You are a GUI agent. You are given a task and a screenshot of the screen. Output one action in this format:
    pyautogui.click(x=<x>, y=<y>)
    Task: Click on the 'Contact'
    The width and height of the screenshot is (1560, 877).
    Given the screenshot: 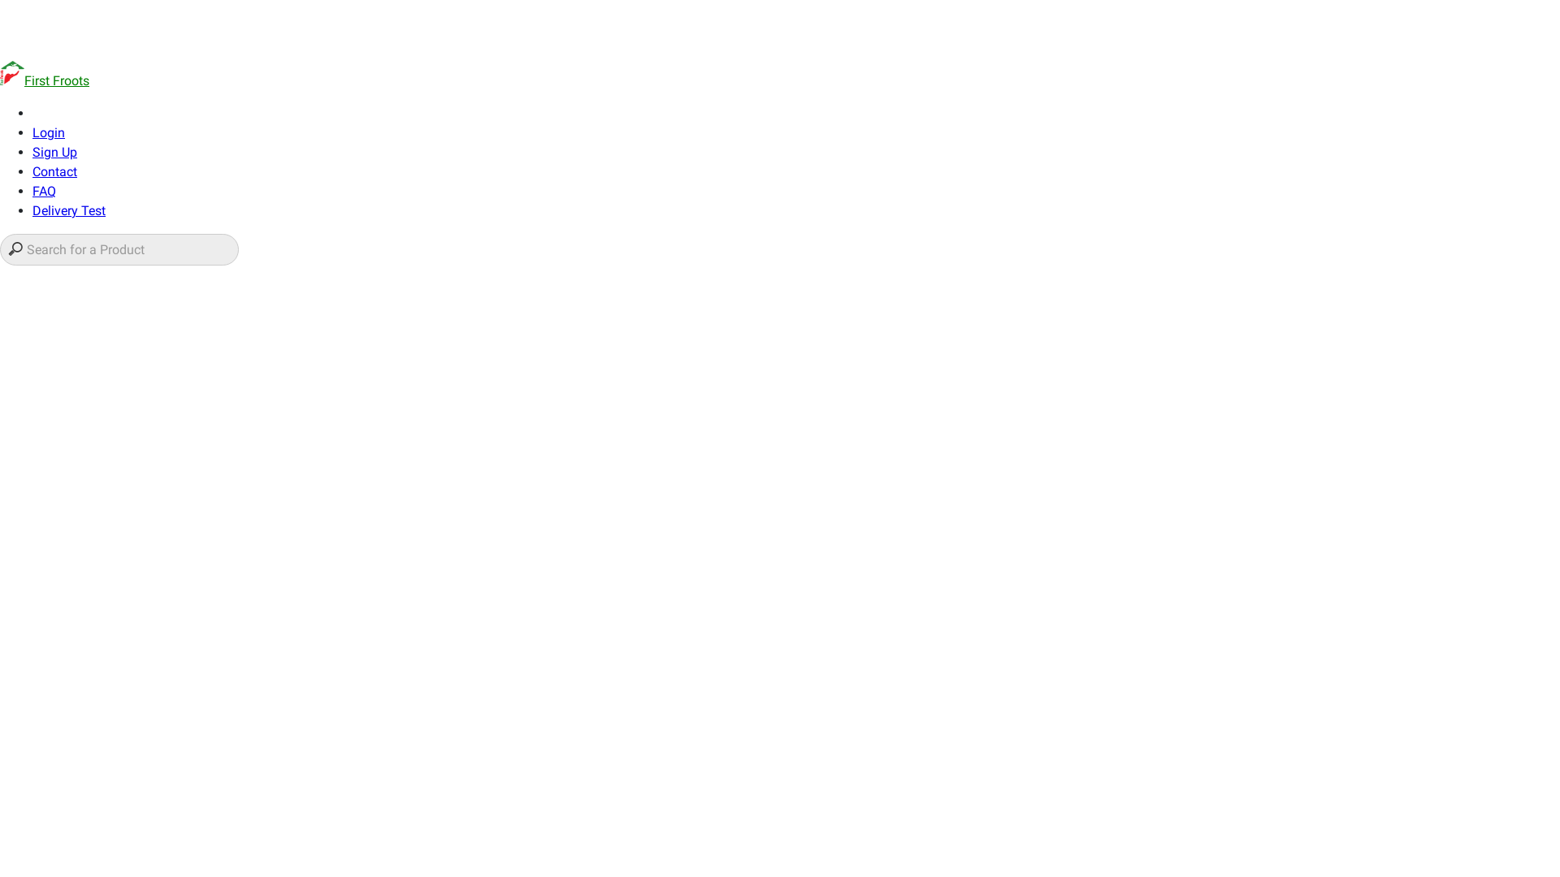 What is the action you would take?
    pyautogui.click(x=54, y=171)
    